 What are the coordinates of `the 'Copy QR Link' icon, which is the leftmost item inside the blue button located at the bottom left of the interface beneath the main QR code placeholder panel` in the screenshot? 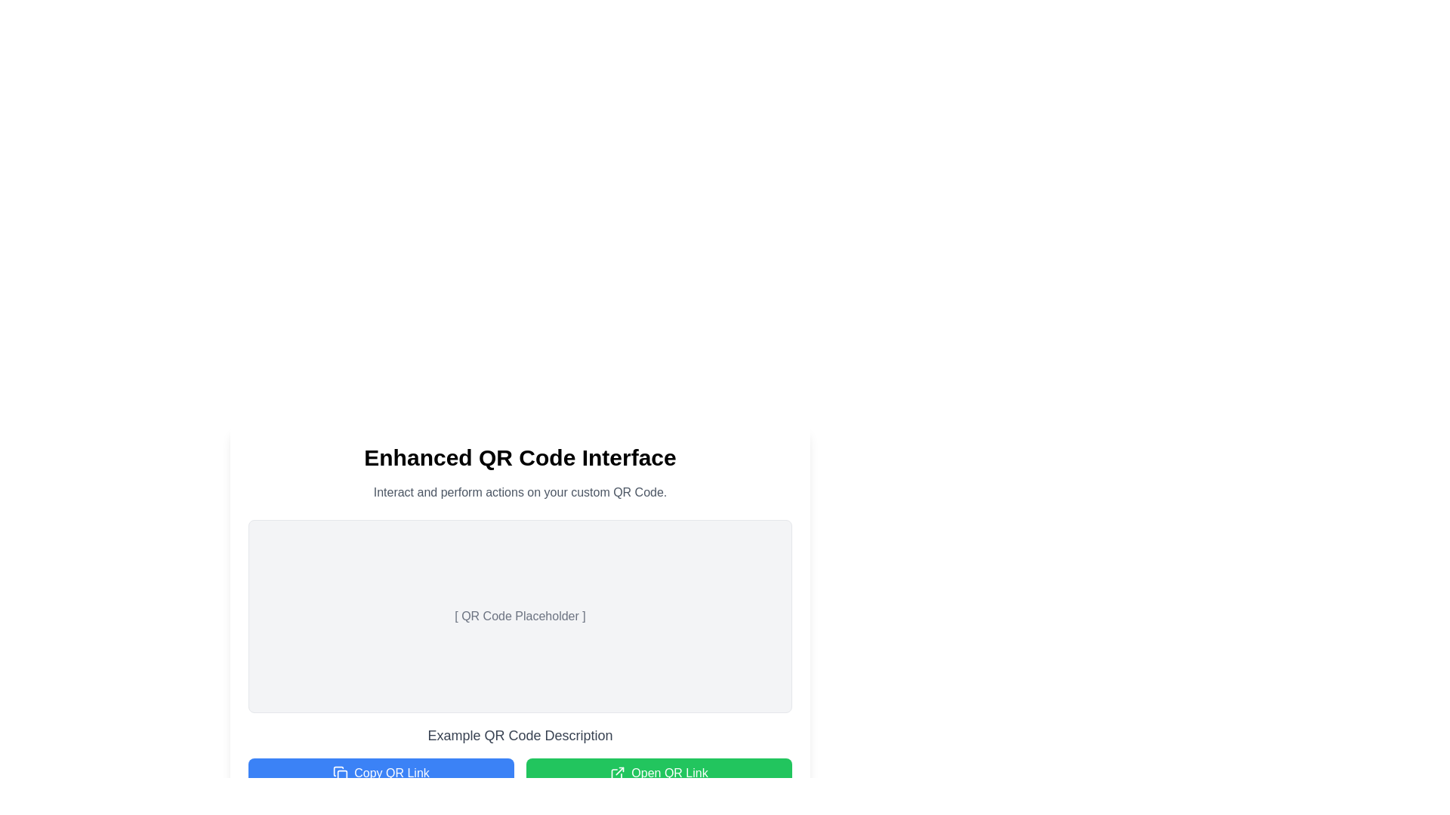 It's located at (340, 773).